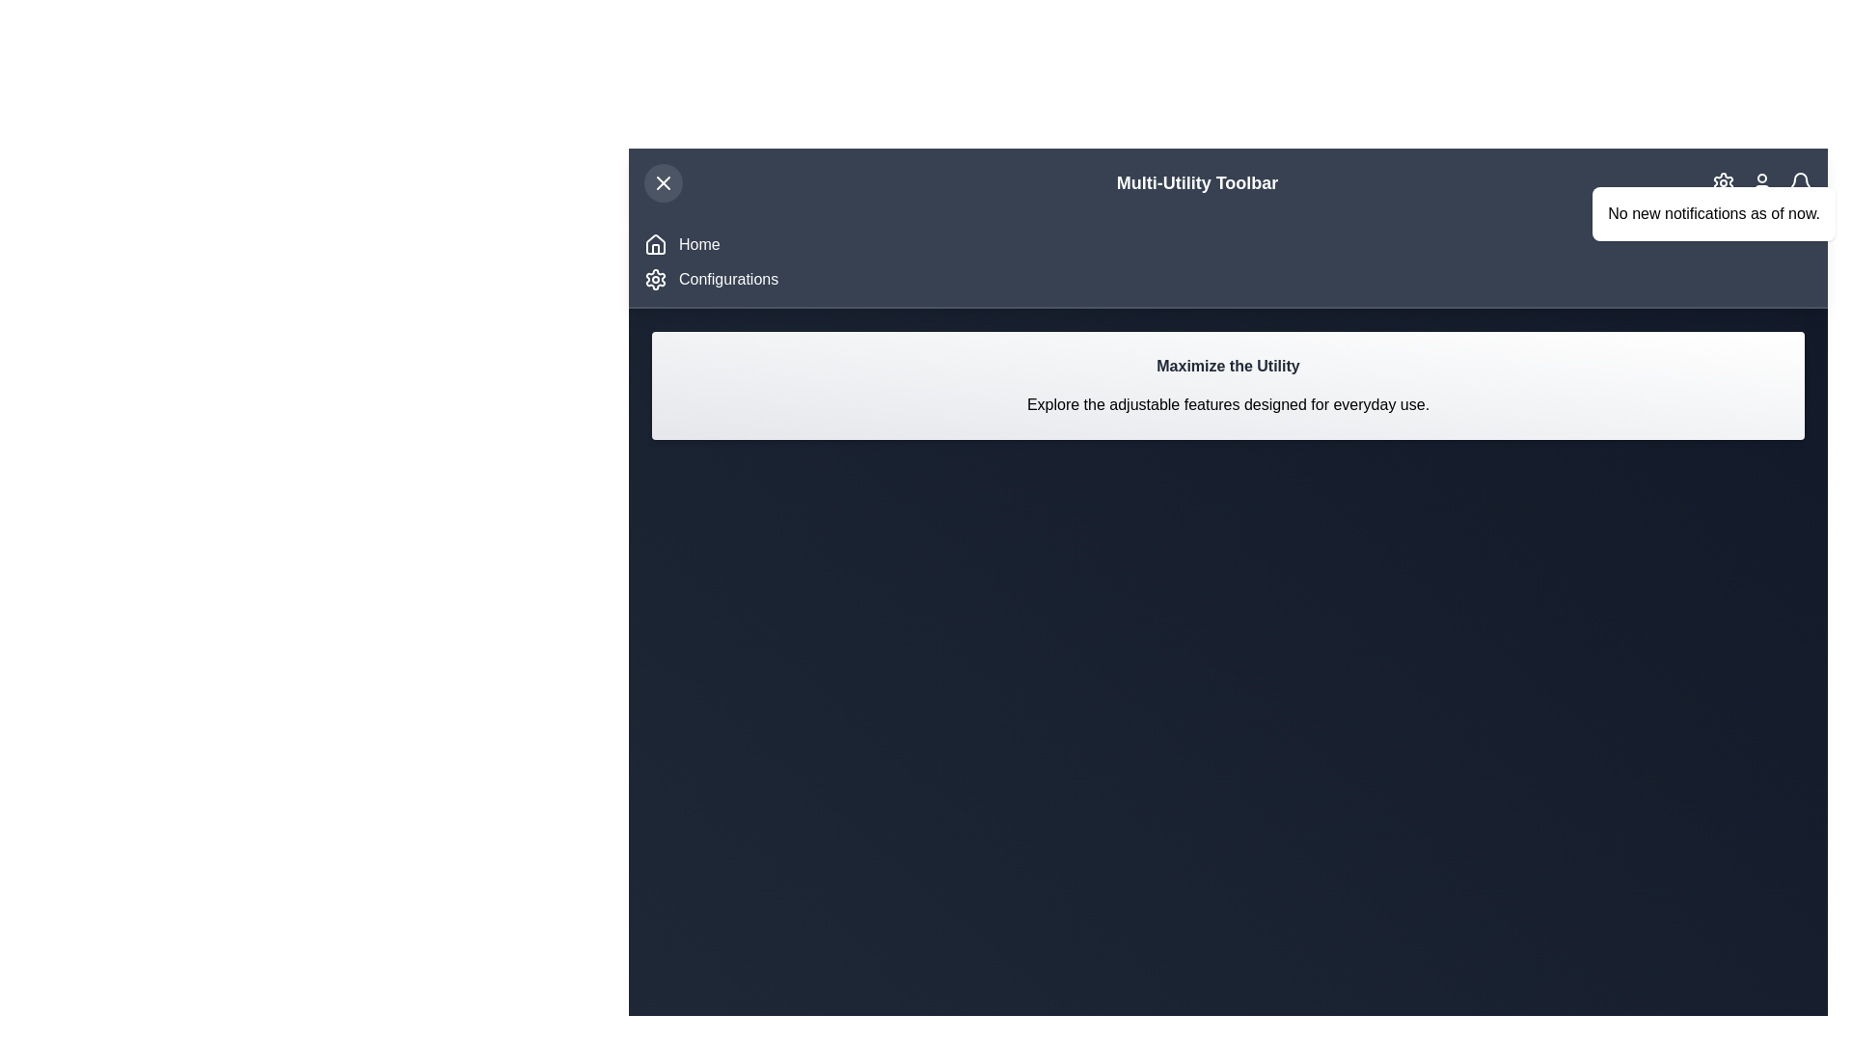 Image resolution: width=1852 pixels, height=1042 pixels. I want to click on the 'Home' option in the navigation, so click(697, 244).